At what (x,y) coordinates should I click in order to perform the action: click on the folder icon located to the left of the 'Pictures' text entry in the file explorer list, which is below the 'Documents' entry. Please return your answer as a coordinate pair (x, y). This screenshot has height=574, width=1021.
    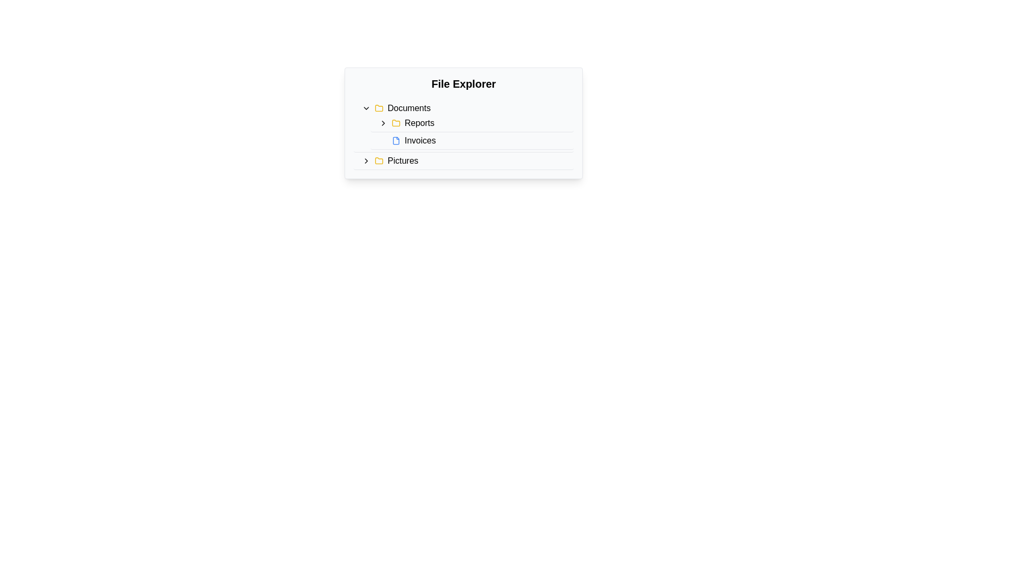
    Looking at the image, I should click on (379, 160).